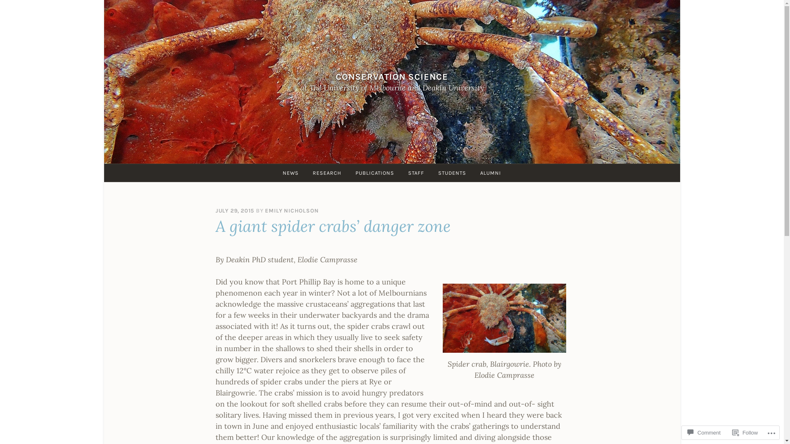  Describe the element at coordinates (349, 172) in the screenshot. I see `'PUBLICATIONS'` at that location.